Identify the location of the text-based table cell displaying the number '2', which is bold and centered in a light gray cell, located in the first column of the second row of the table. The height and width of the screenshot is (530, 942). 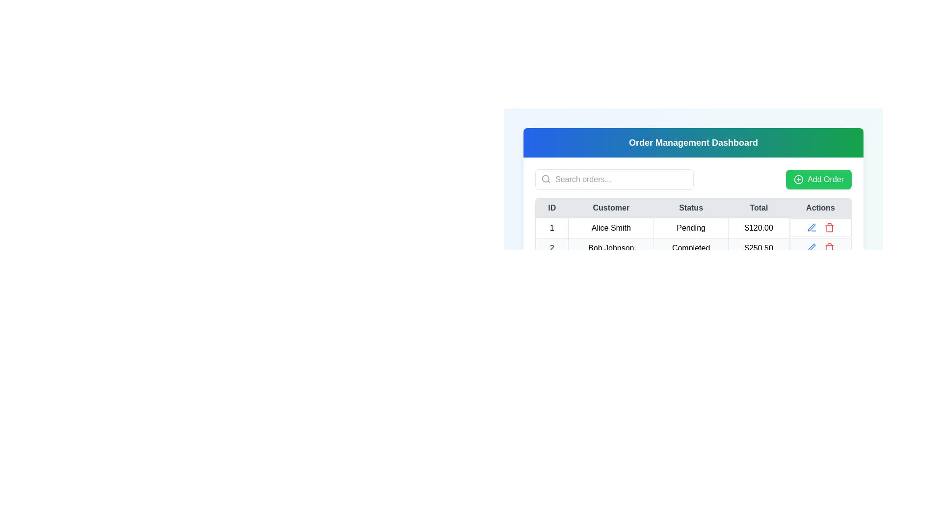
(552, 247).